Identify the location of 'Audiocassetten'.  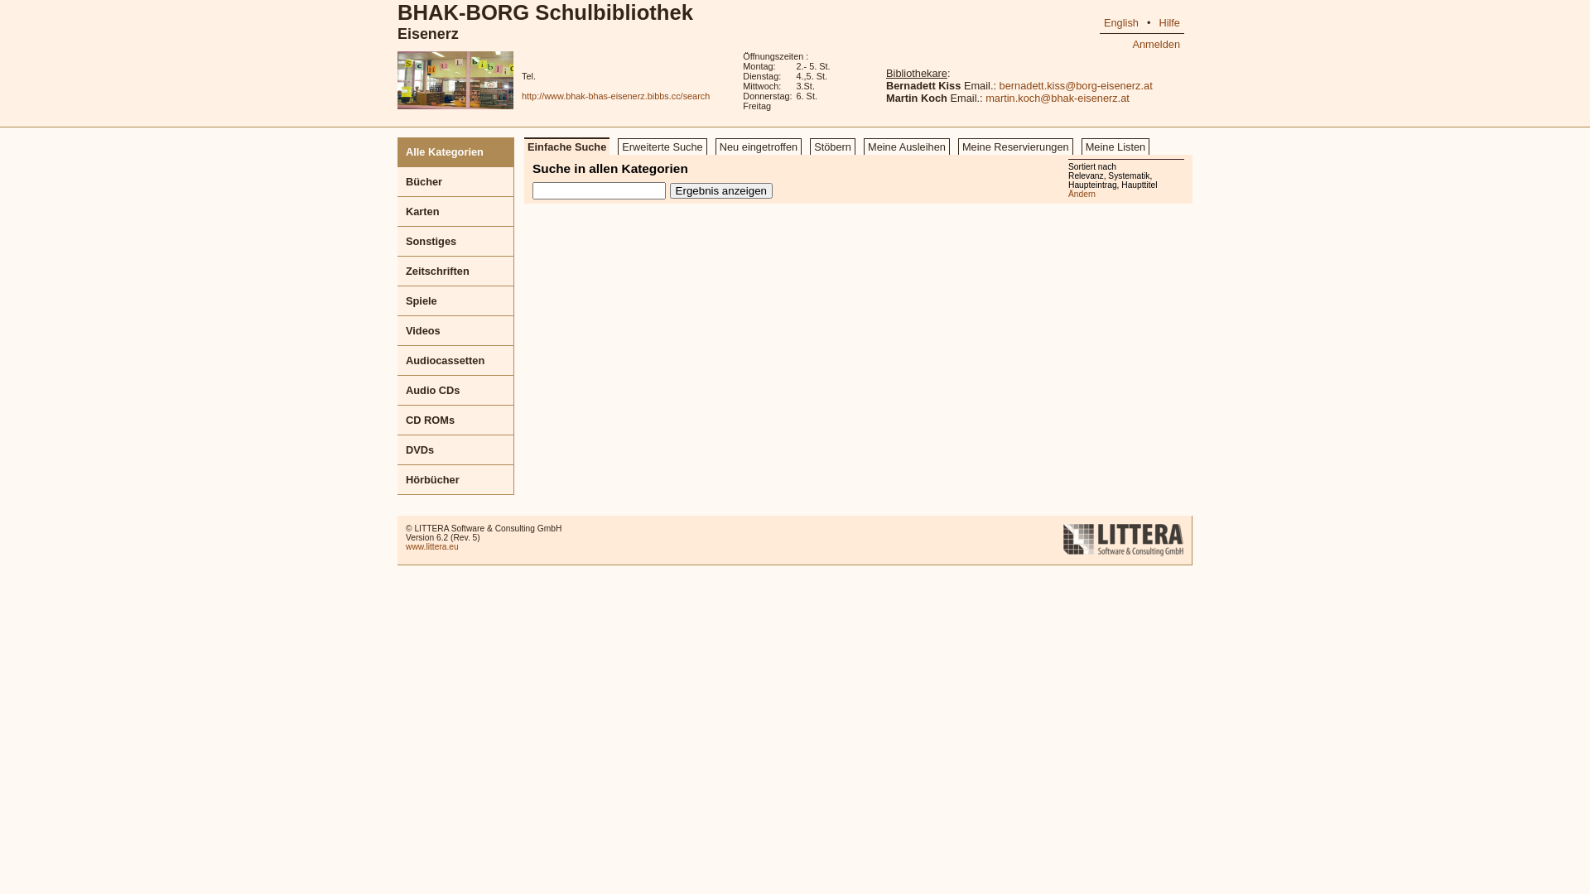
(455, 359).